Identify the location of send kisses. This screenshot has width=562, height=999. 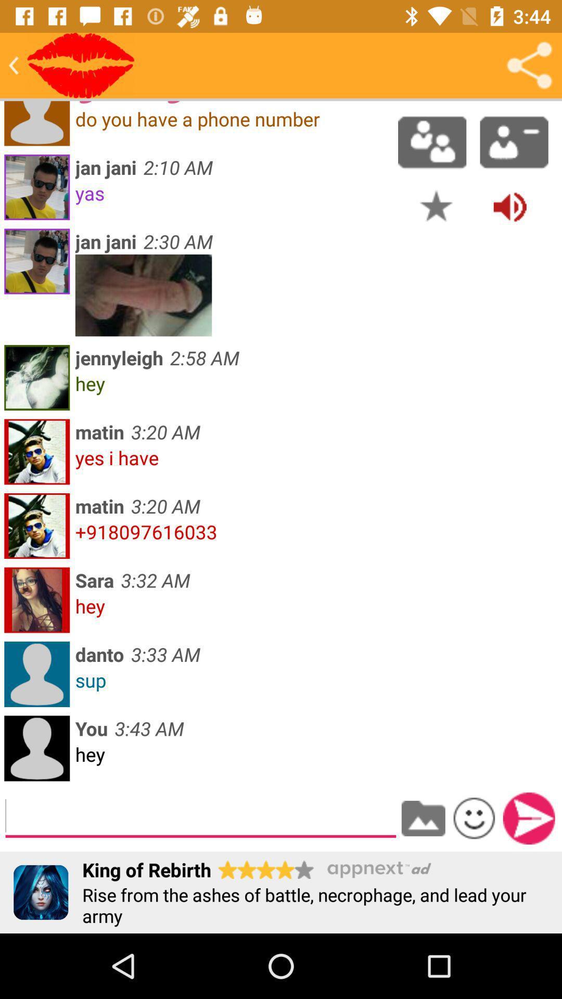
(80, 65).